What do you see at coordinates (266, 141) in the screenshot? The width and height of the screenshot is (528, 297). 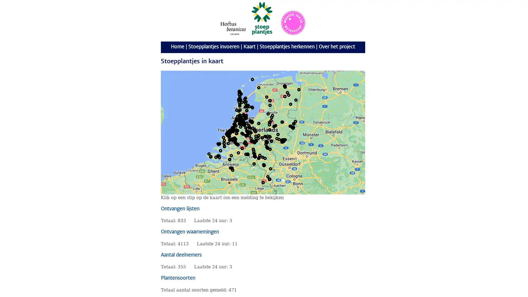 I see `Telling van Julia op 15 oktober 2021` at bounding box center [266, 141].